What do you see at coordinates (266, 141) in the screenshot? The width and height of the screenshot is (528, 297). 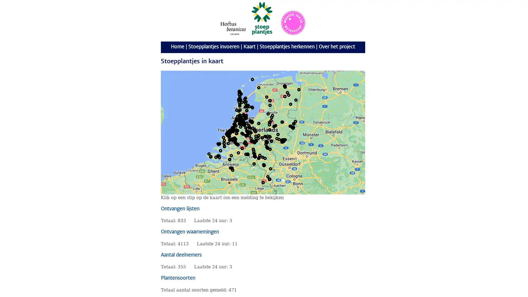 I see `Telling van Julia op 15 oktober 2021` at bounding box center [266, 141].